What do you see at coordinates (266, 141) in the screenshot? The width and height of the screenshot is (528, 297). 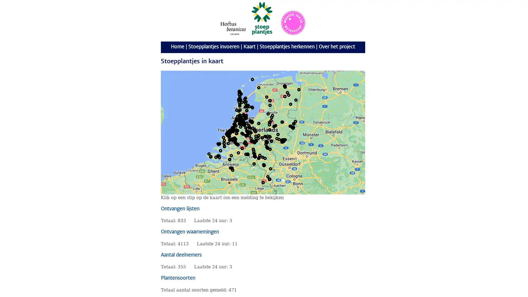 I see `Telling van Julia op 15 oktober 2021` at bounding box center [266, 141].